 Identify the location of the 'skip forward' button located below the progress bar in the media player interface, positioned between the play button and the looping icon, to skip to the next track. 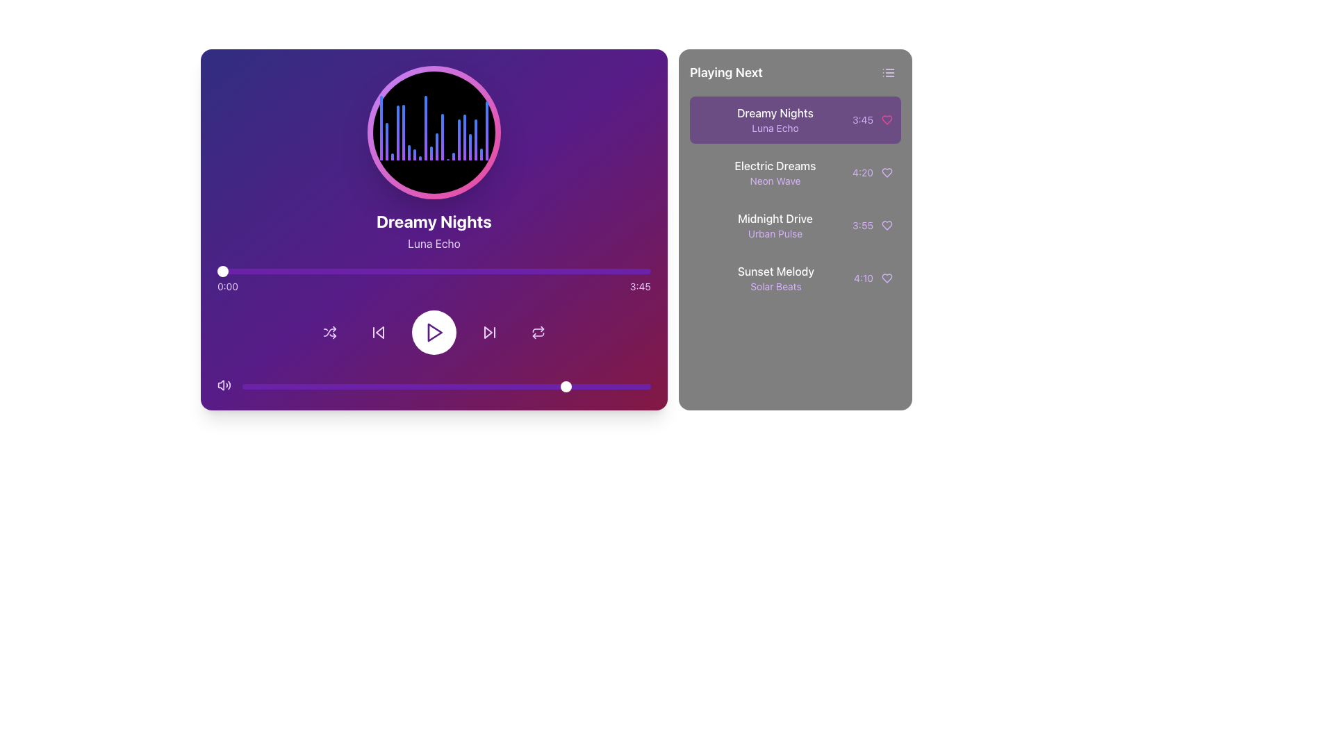
(490, 332).